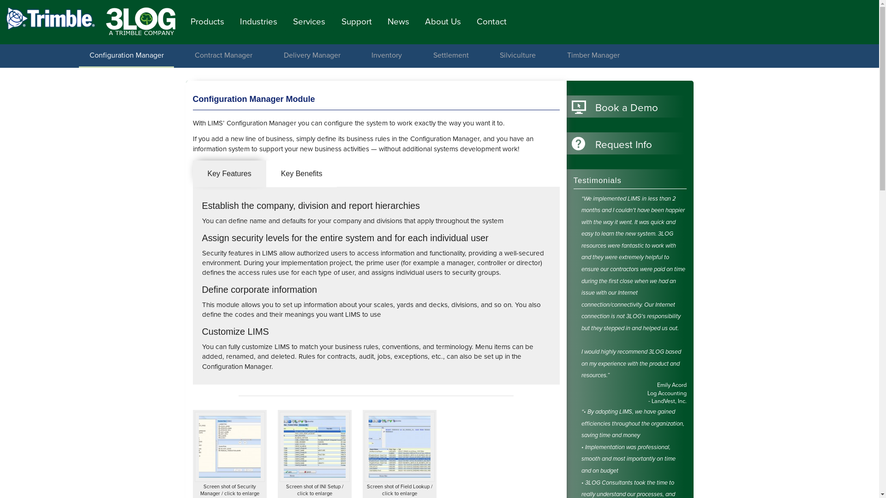 Image resolution: width=886 pixels, height=498 pixels. Describe the element at coordinates (387, 55) in the screenshot. I see `'Inventory'` at that location.